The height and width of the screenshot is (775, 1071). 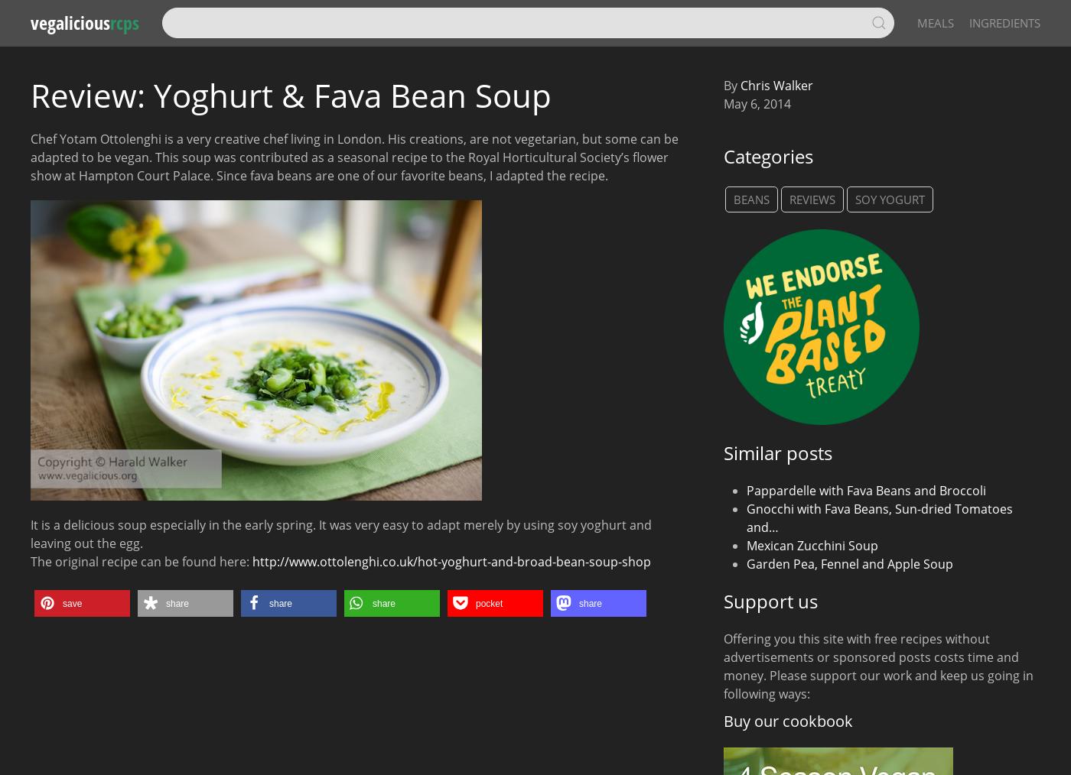 What do you see at coordinates (723, 665) in the screenshot?
I see `'Offering you this site with free recipes without advertisements or sponsored posts costs time and money. Please support our work and keep us going in following ways:'` at bounding box center [723, 665].